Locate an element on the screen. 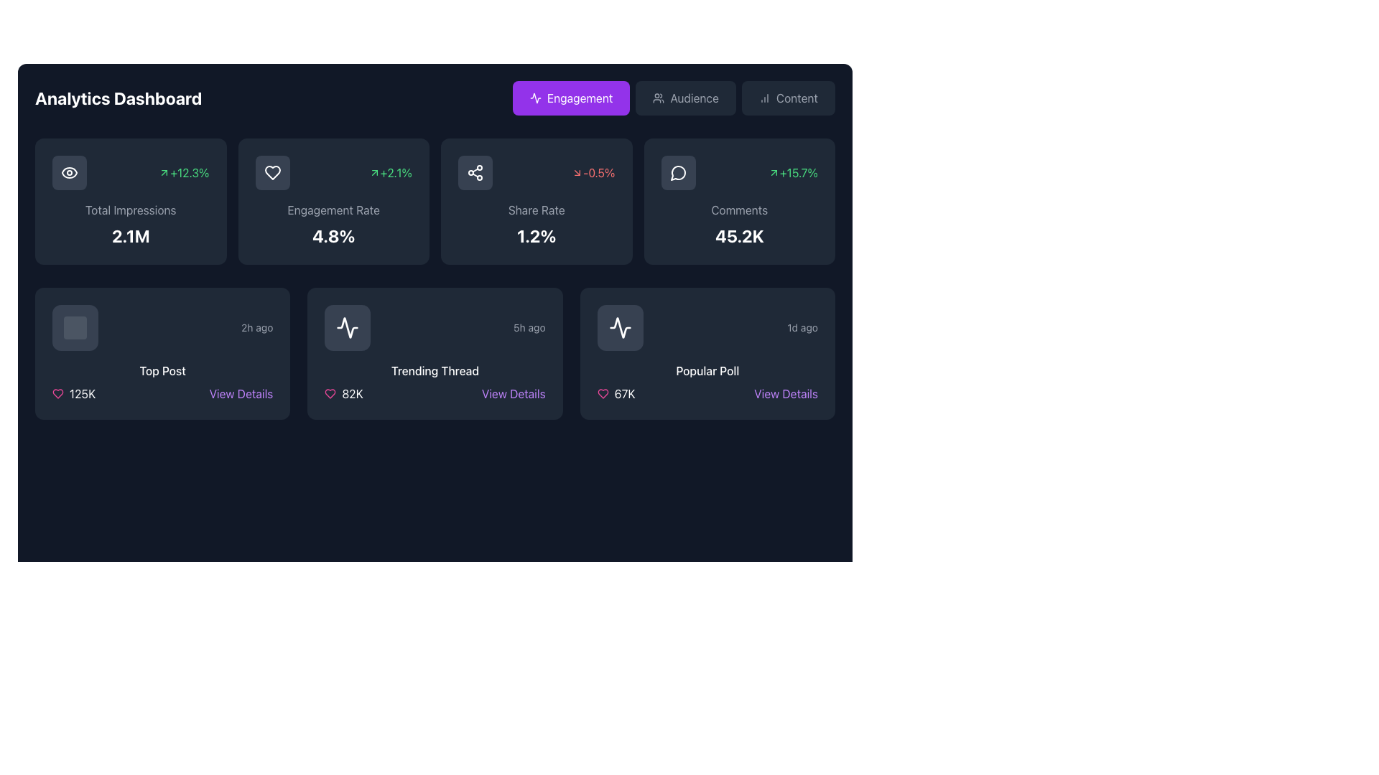 Image resolution: width=1379 pixels, height=775 pixels. the trend increase icon located in the 'Total Impressions' tile, which indicates a '+12.3%' increase is located at coordinates (164, 172).